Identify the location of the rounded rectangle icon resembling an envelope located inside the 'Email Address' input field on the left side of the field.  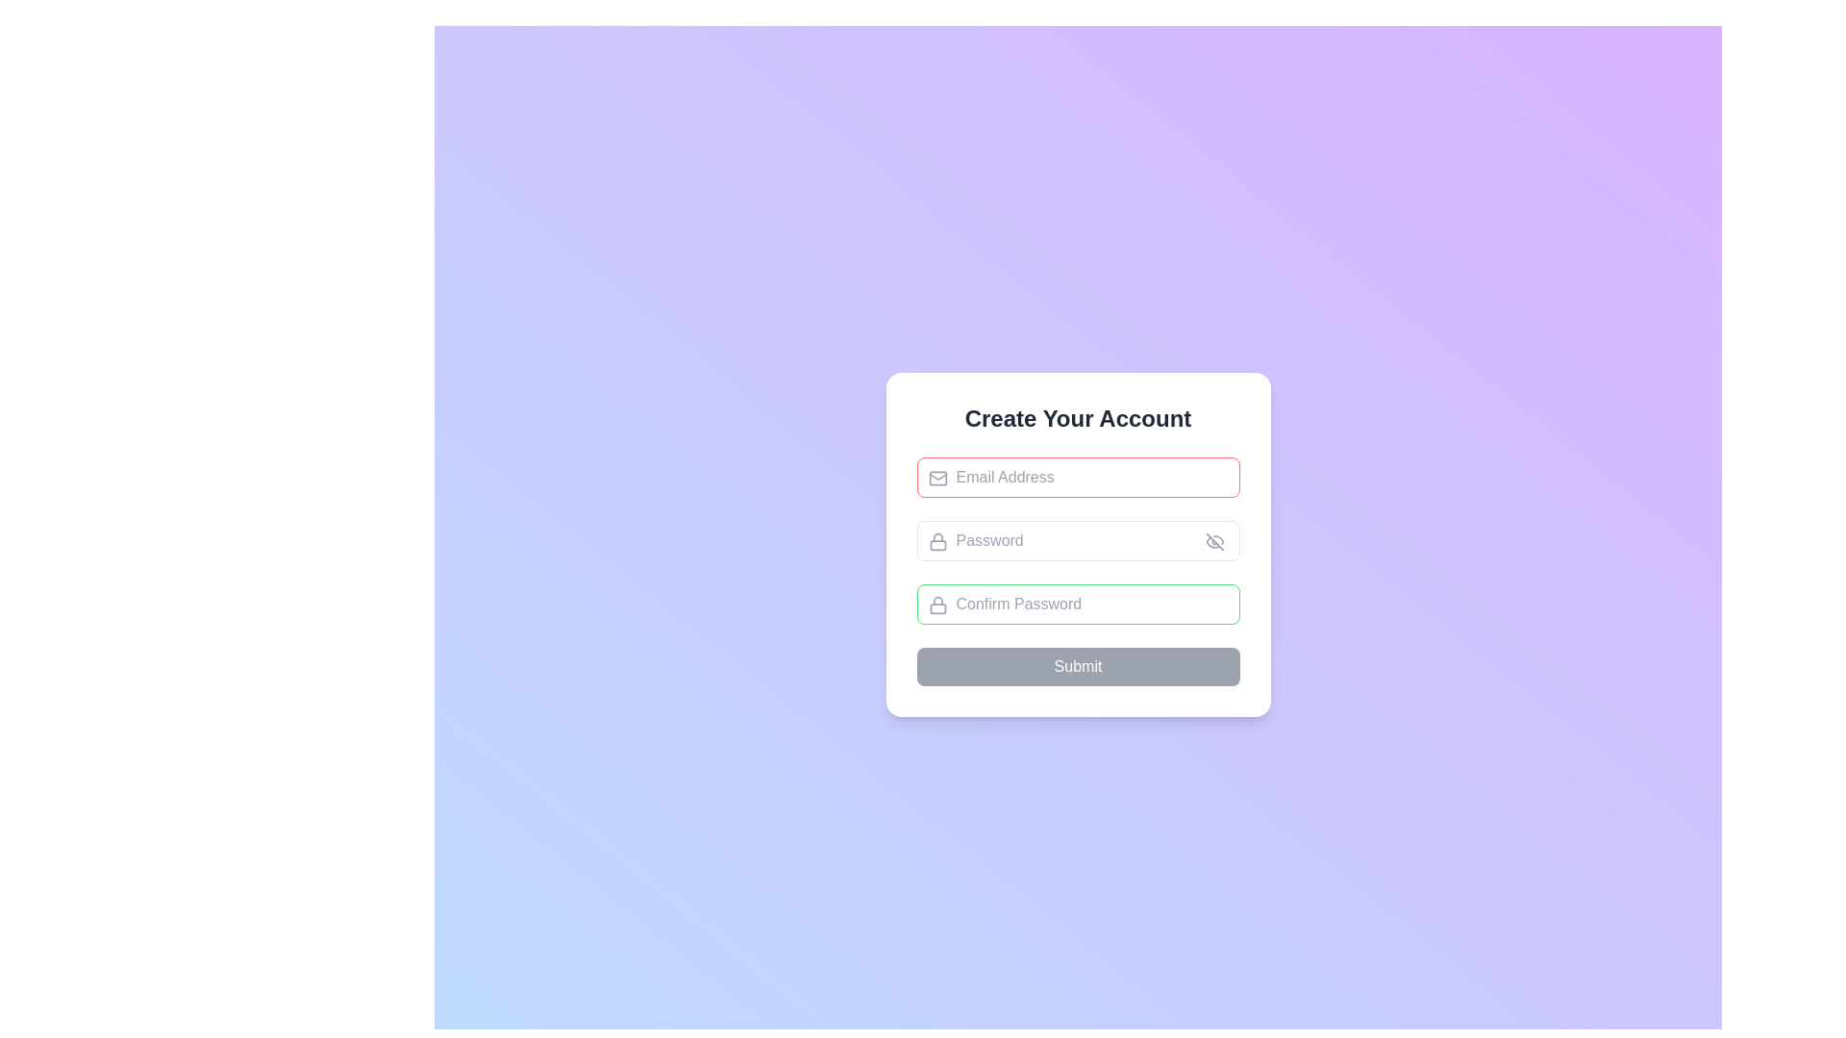
(937, 477).